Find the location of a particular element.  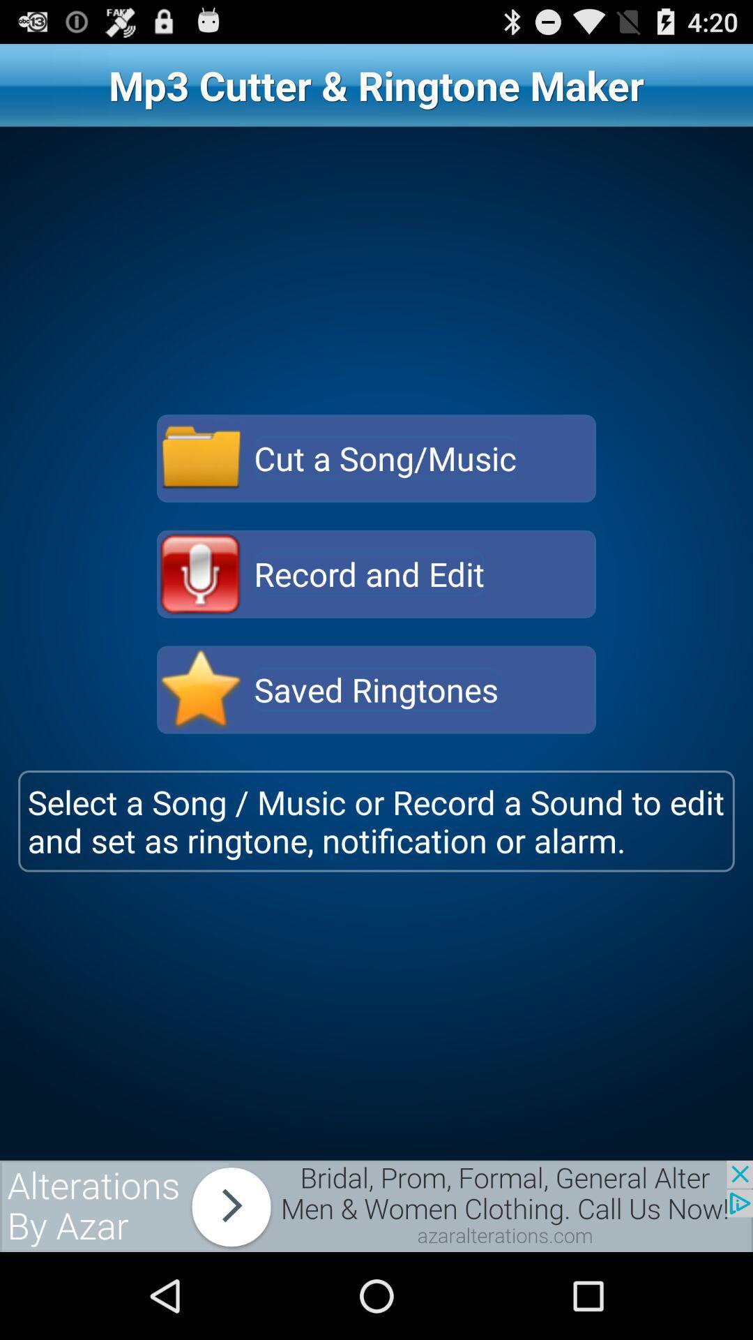

advertisement is located at coordinates (376, 1205).